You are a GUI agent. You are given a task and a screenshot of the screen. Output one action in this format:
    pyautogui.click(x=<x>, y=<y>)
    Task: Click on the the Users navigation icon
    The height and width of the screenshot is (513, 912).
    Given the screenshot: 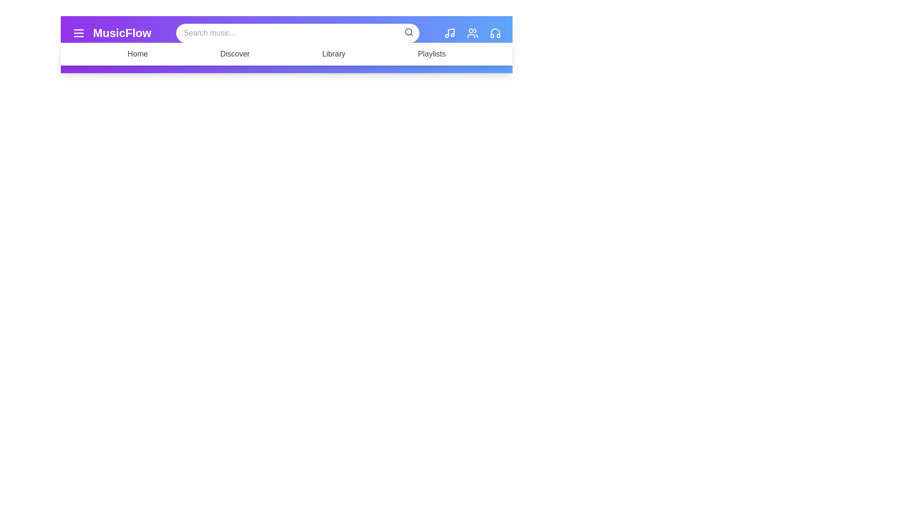 What is the action you would take?
    pyautogui.click(x=472, y=32)
    